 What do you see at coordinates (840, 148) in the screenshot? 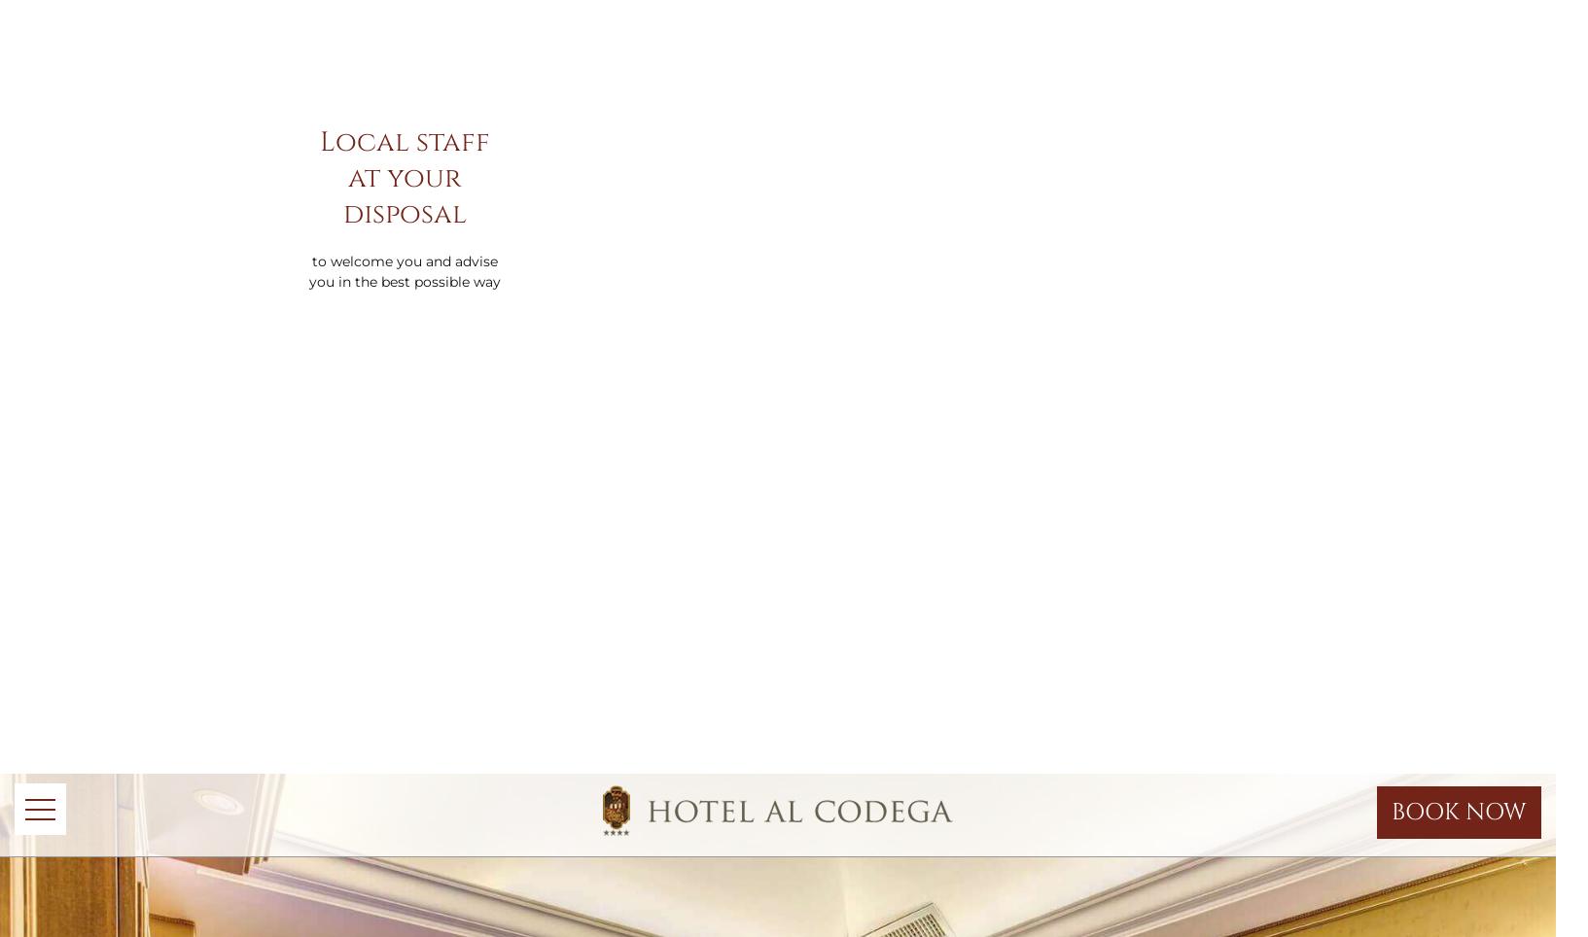
I see `'Cookie Policy'` at bounding box center [840, 148].